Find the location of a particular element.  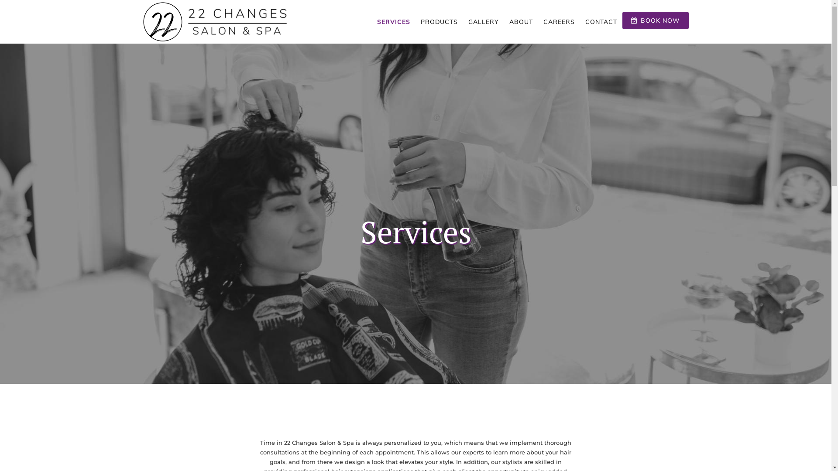

'SERVICES' is located at coordinates (393, 21).